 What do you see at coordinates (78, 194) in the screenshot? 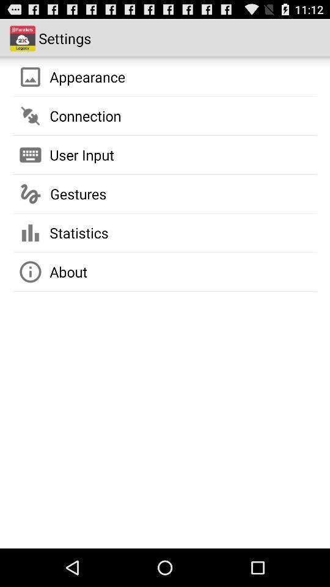
I see `the gestures` at bounding box center [78, 194].